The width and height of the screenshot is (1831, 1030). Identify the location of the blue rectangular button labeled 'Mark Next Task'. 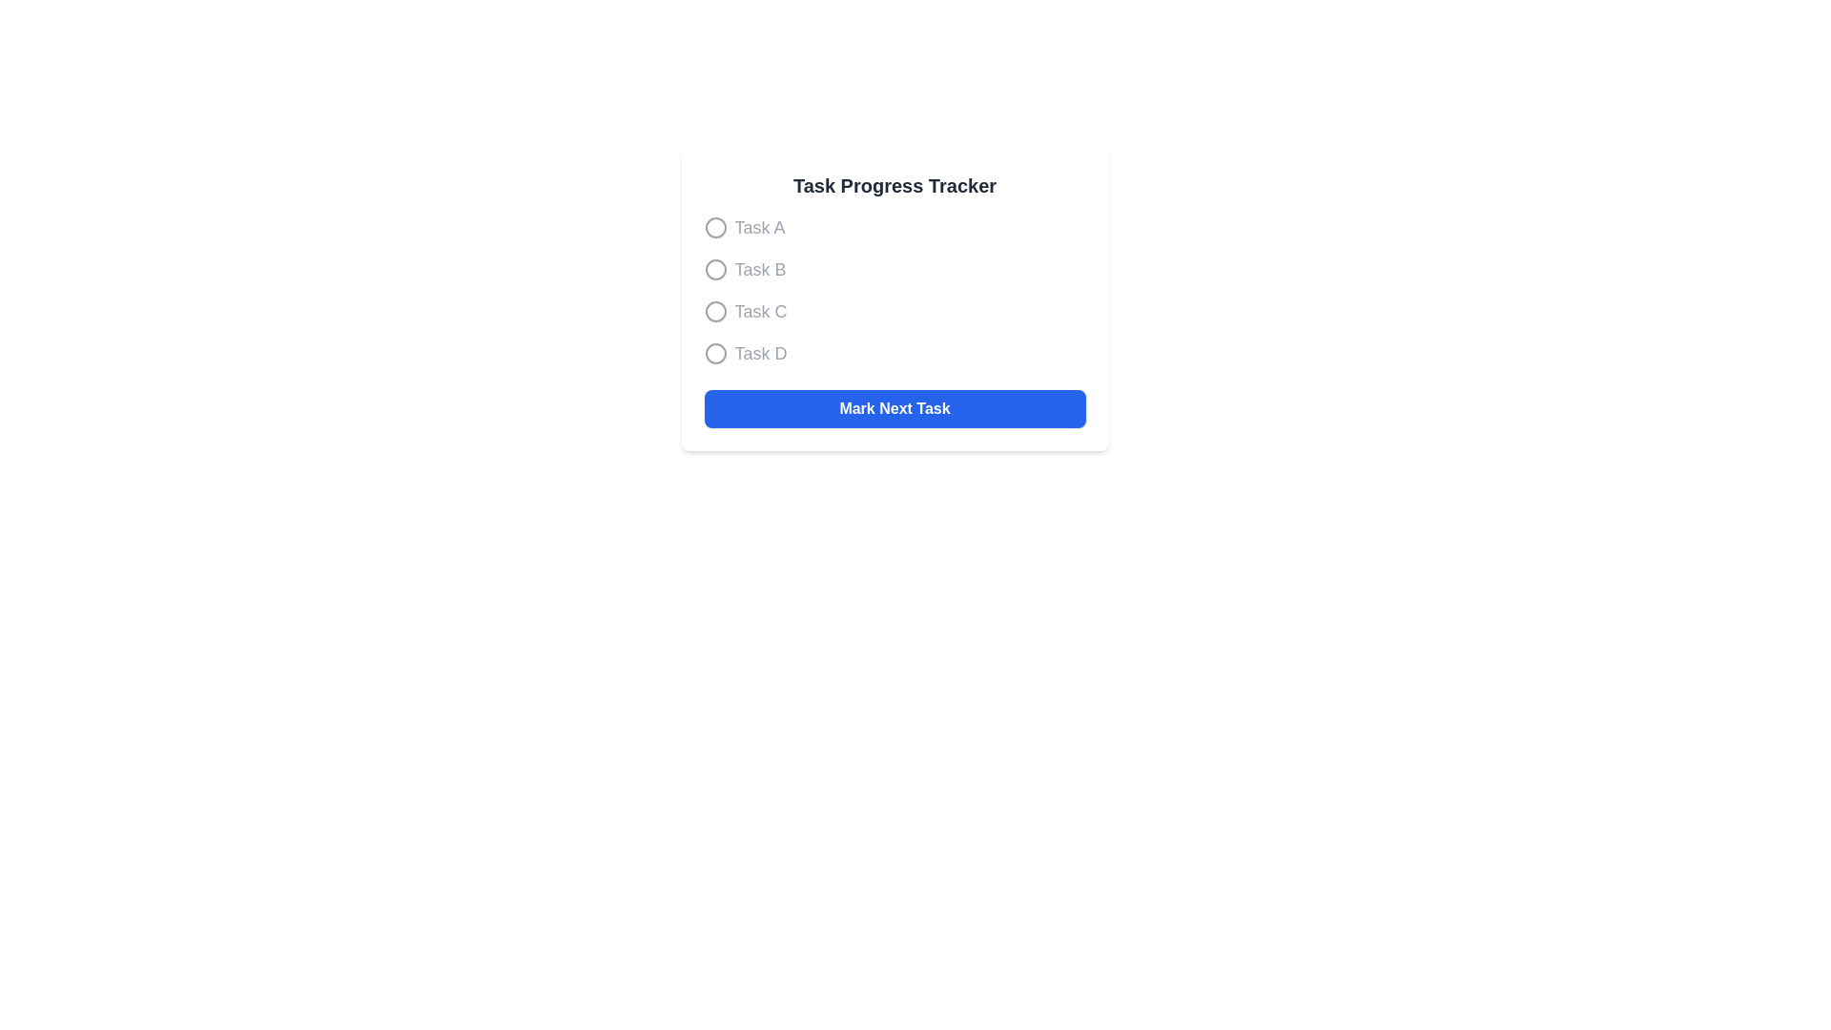
(894, 407).